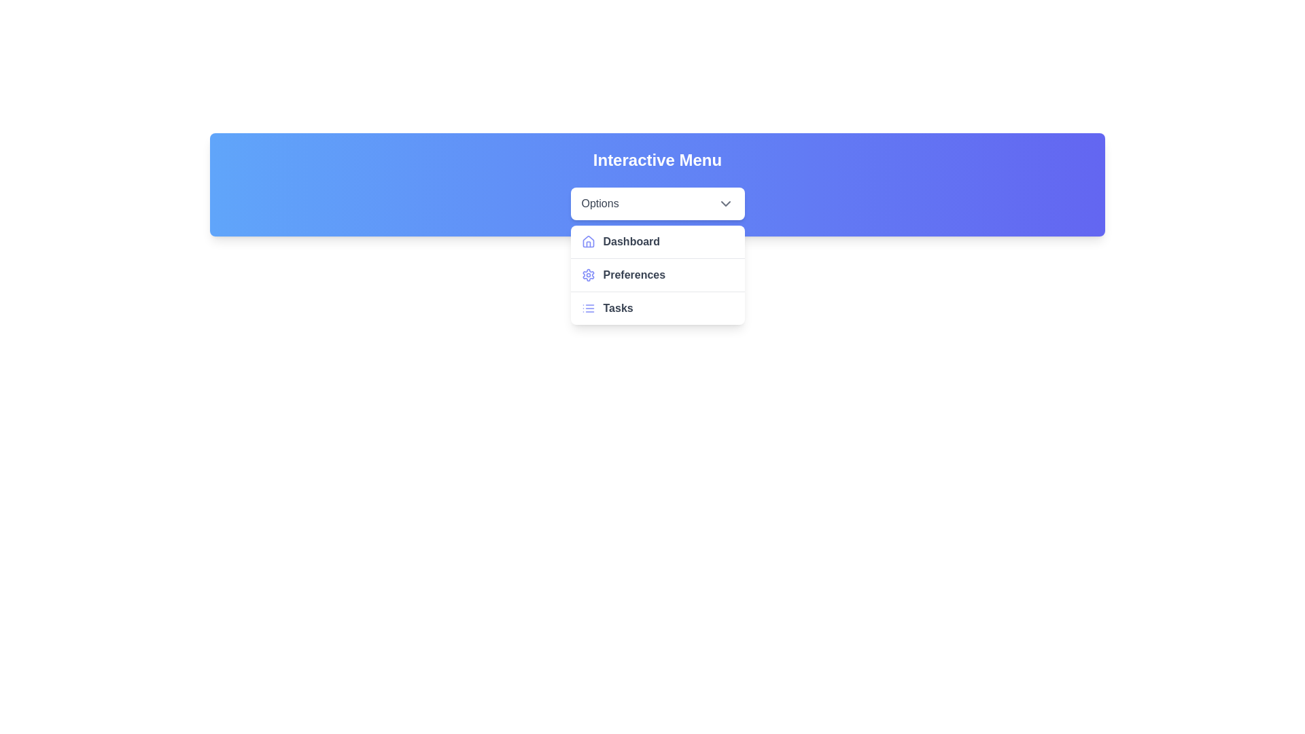 This screenshot has width=1305, height=734. What do you see at coordinates (588, 241) in the screenshot?
I see `the 'Dashboard' menu item's icon, which visually represents the functionality of the Dashboard option in the dropdown menu, located to the left of the 'Dashboard' text label` at bounding box center [588, 241].